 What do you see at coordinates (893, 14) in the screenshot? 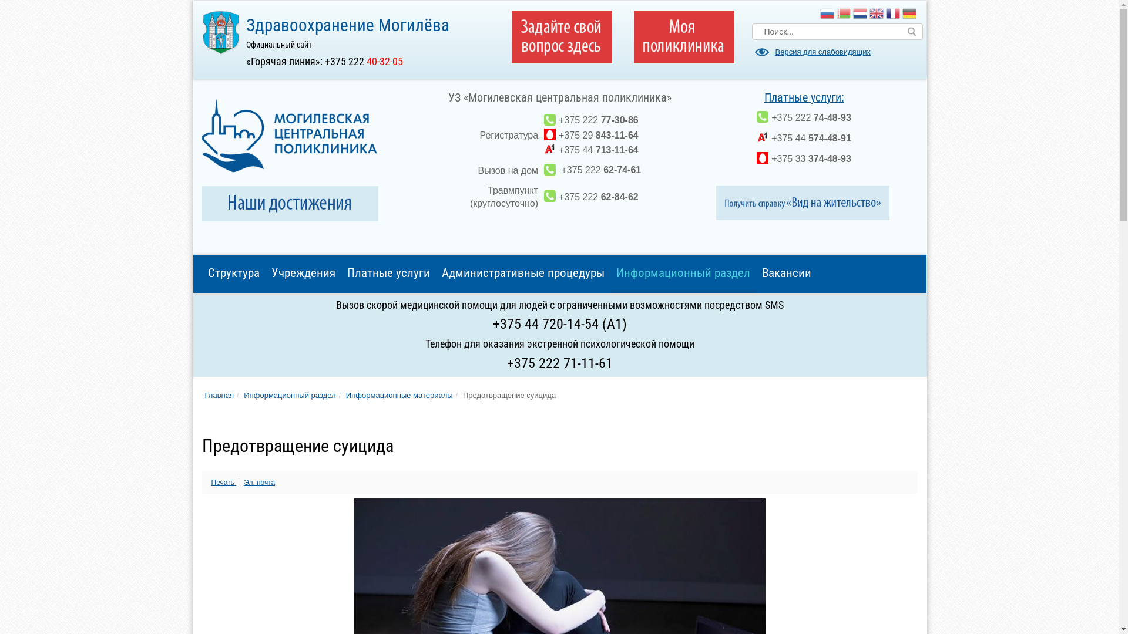
I see `'French'` at bounding box center [893, 14].